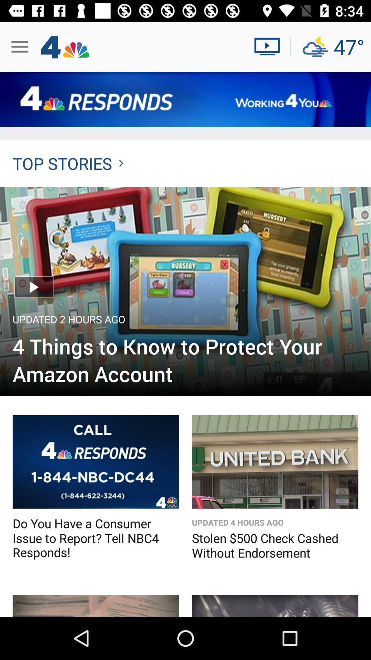  Describe the element at coordinates (95, 606) in the screenshot. I see `new stories` at that location.